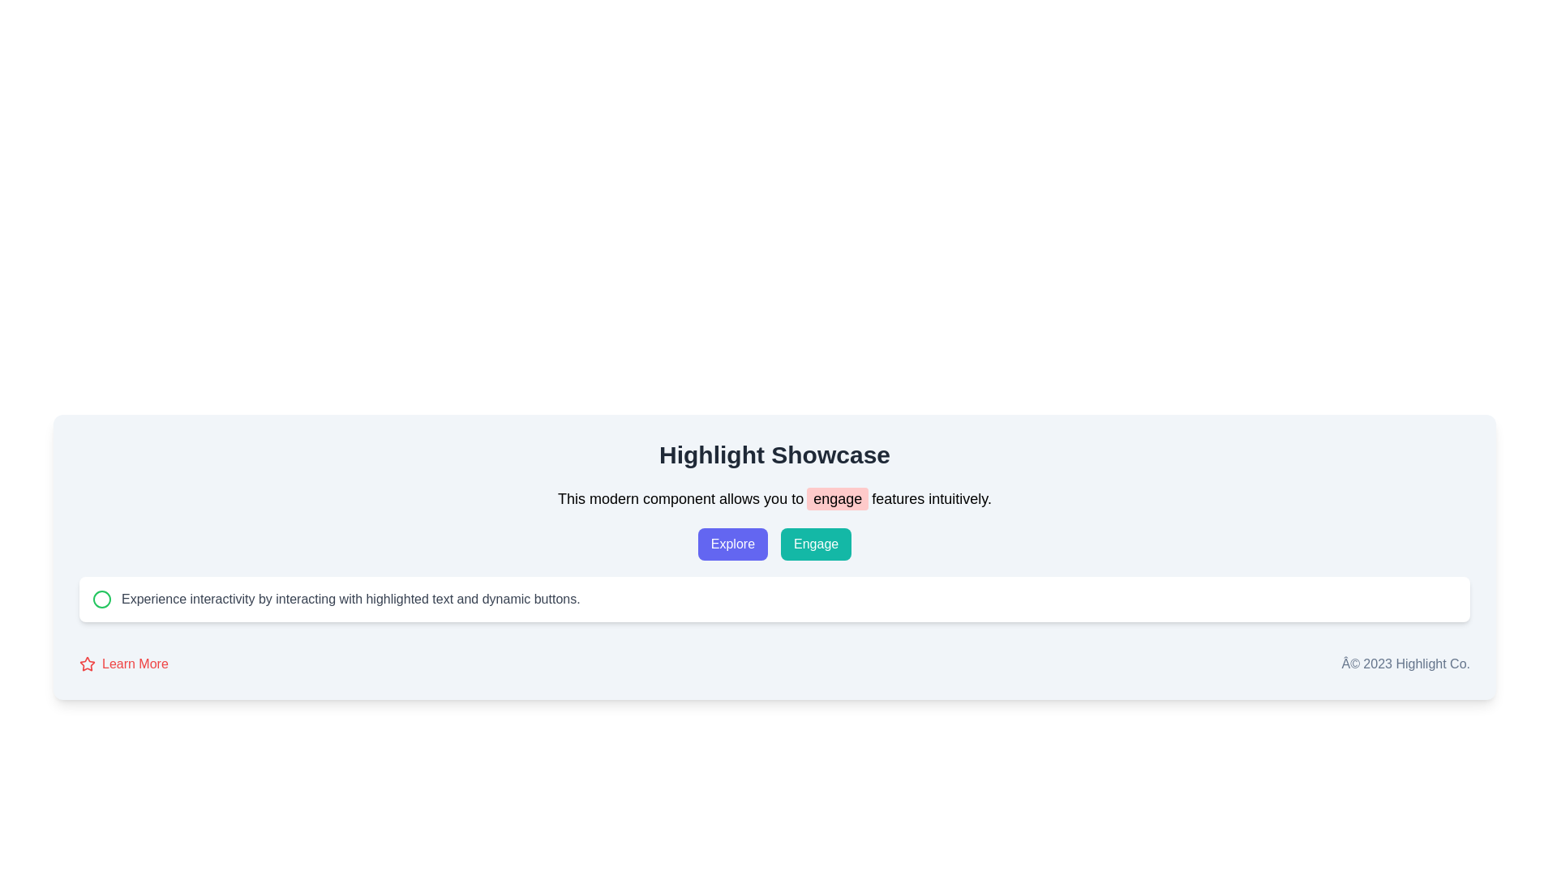 The width and height of the screenshot is (1557, 875). Describe the element at coordinates (731, 544) in the screenshot. I see `the 'Explore' button with a purple background and white text` at that location.